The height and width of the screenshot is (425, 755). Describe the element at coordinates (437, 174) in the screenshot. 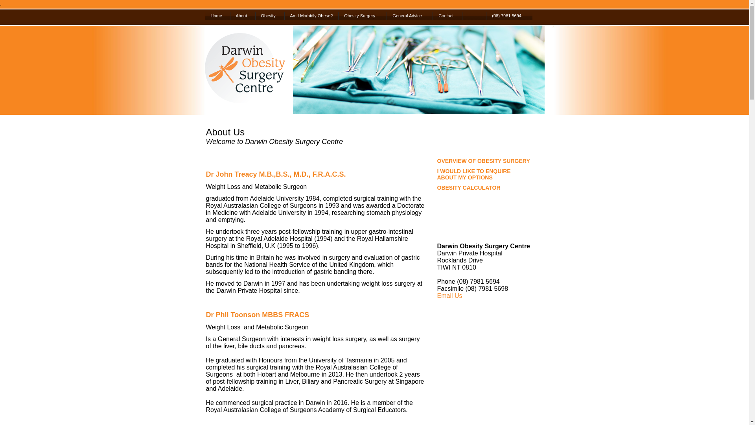

I see `'I WOULD LIKE TO ENQUIRE` at that location.